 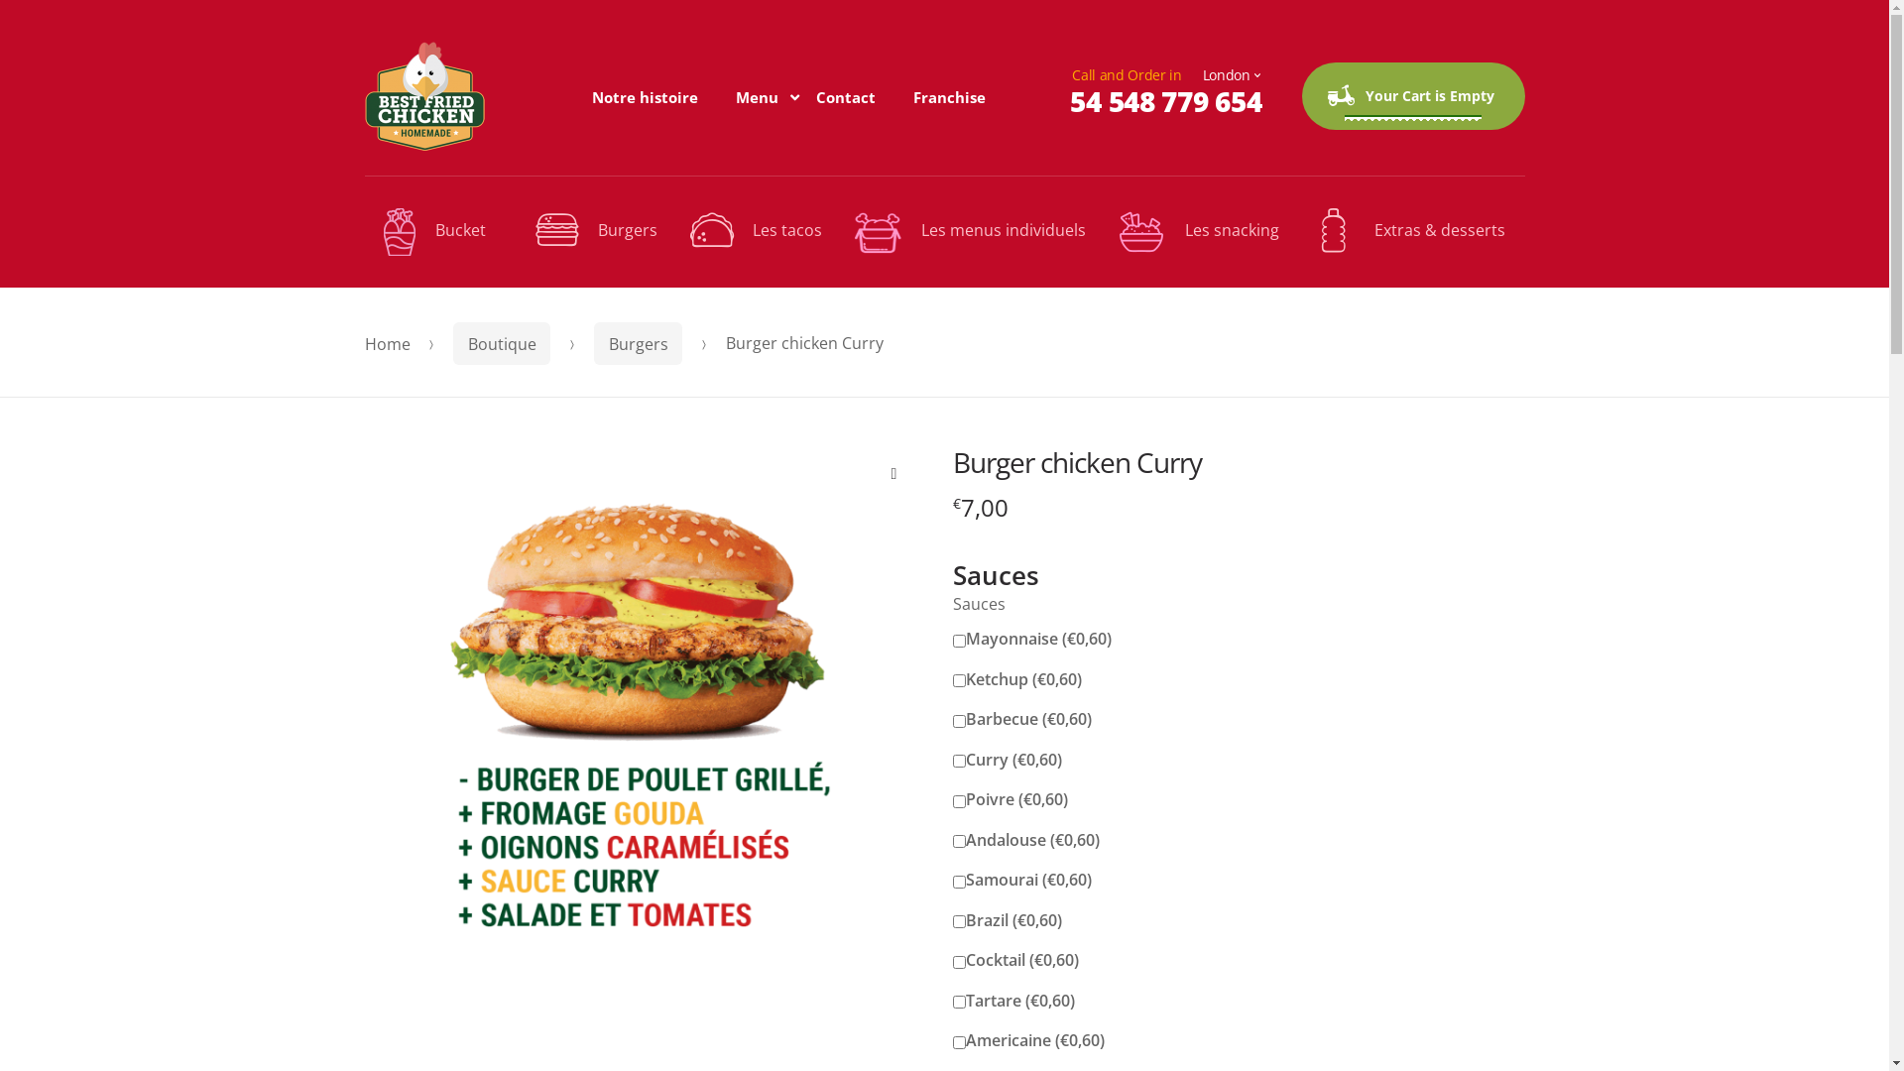 I want to click on 'Notre histoire', so click(x=645, y=95).